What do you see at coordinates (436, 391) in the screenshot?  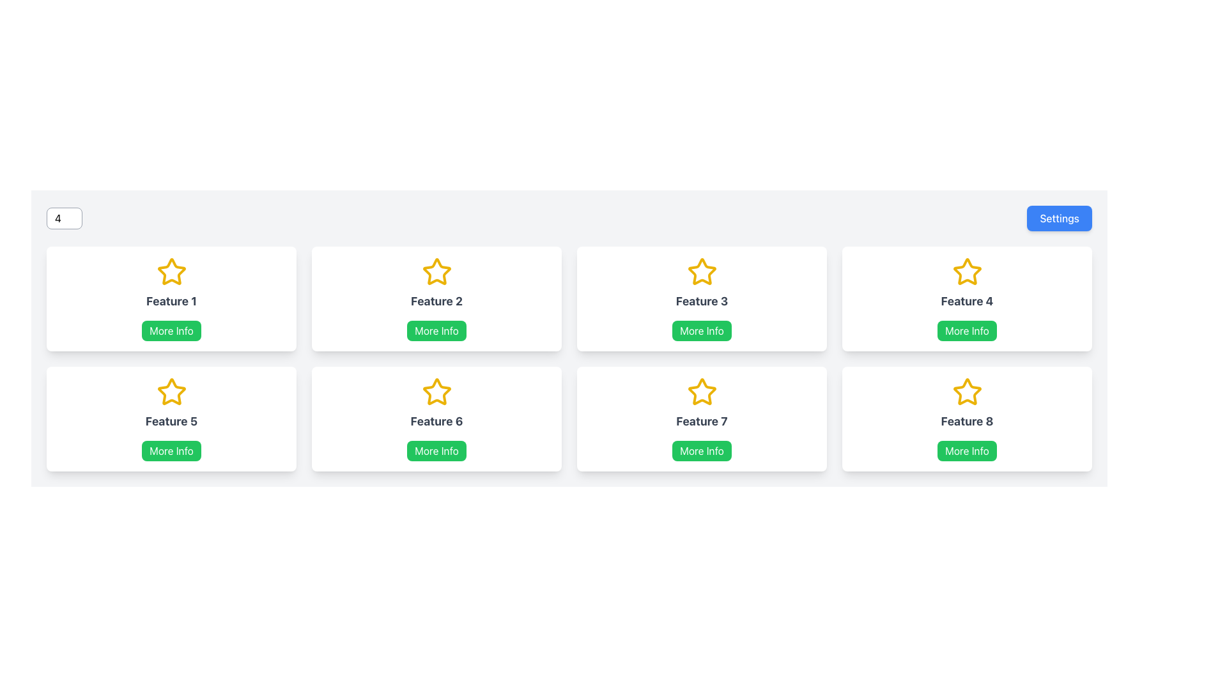 I see `the Icon that serves as a visual indicator for 'Feature 6', which is centrally aligned at the top of its card, above the title and the 'More Info' button` at bounding box center [436, 391].